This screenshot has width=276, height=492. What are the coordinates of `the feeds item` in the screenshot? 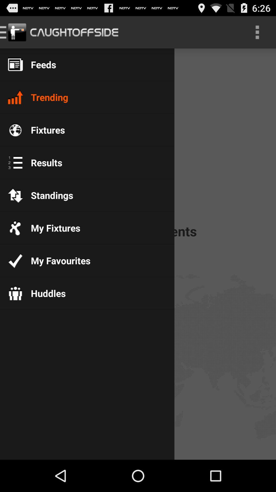 It's located at (39, 64).